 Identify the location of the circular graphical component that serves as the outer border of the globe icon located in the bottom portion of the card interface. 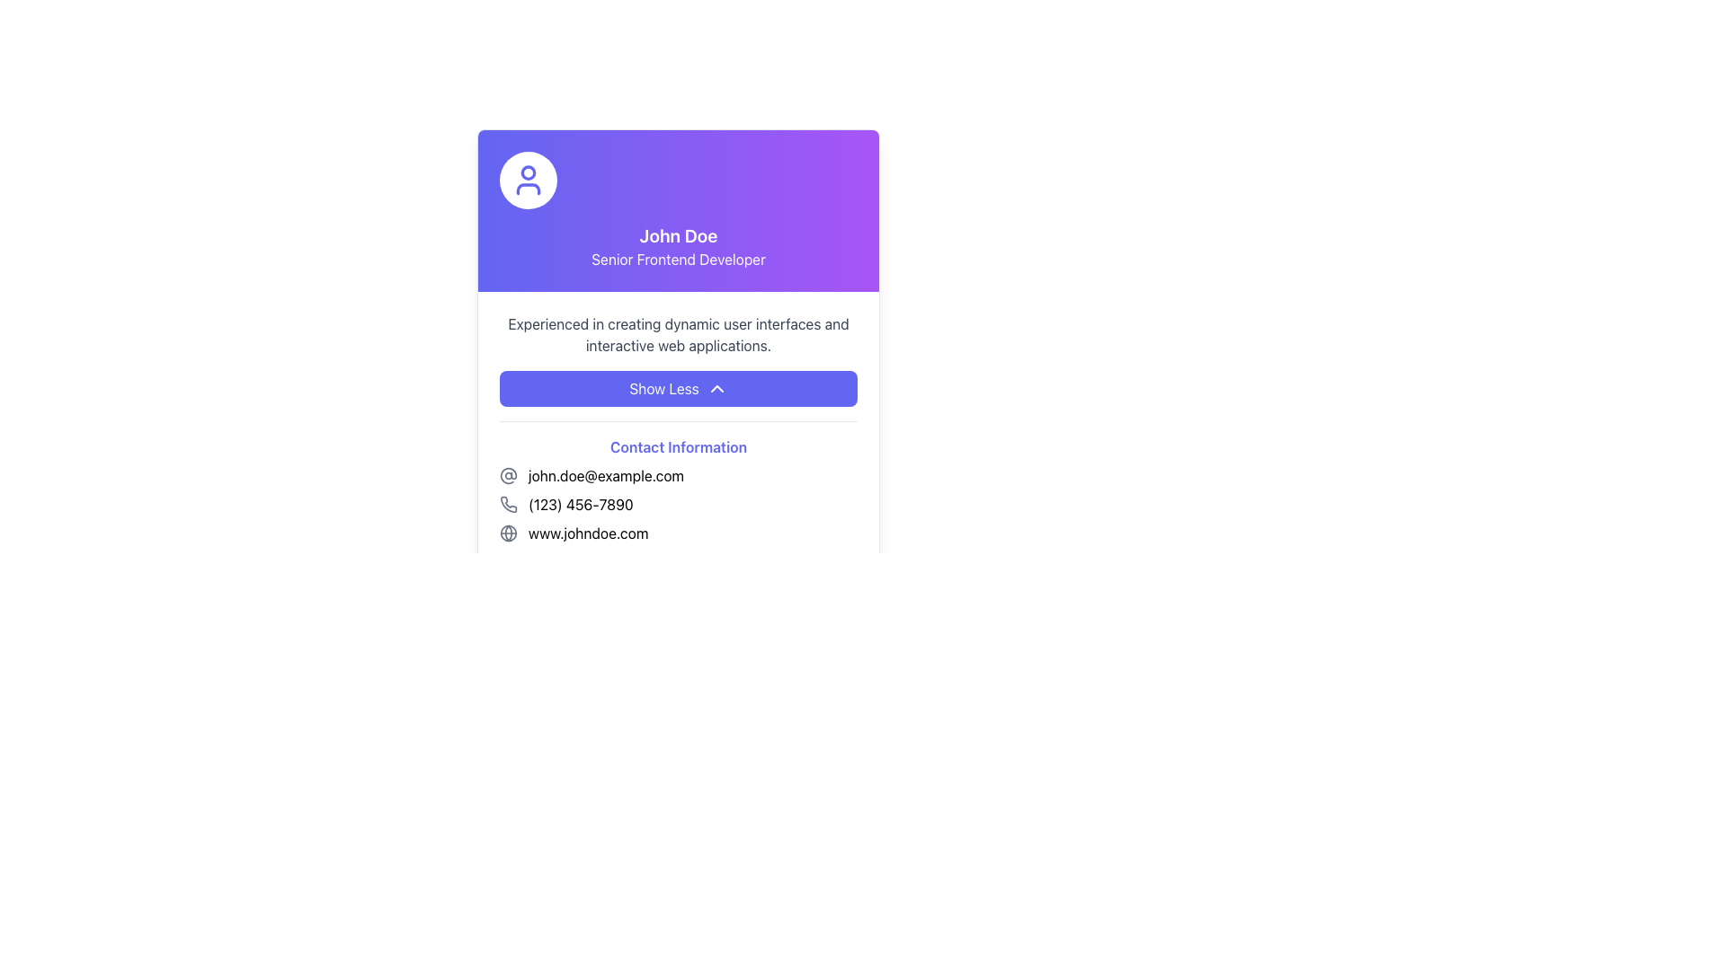
(508, 533).